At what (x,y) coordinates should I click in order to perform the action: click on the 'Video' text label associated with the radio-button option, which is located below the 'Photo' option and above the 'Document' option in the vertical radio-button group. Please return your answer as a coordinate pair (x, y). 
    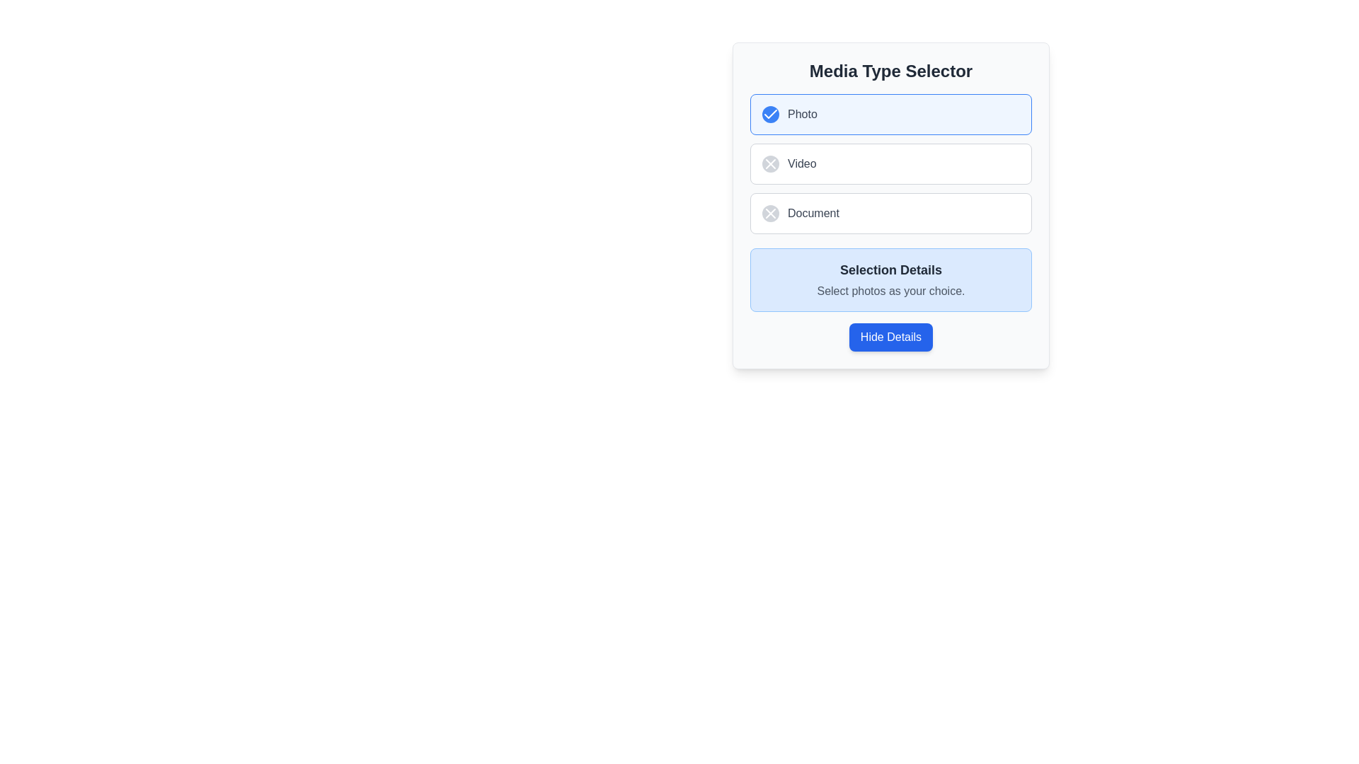
    Looking at the image, I should click on (802, 163).